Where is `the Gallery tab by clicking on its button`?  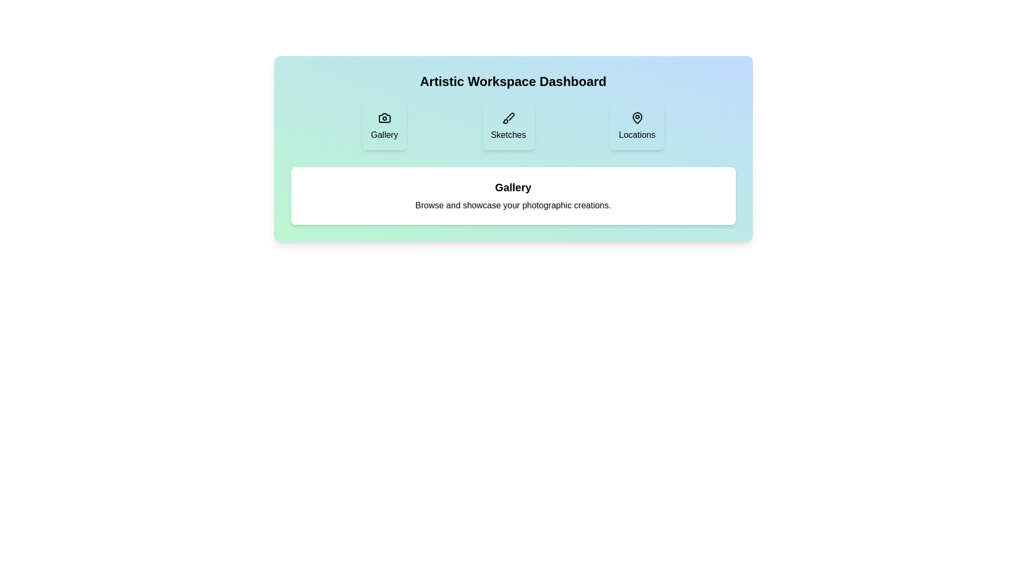
the Gallery tab by clicking on its button is located at coordinates (384, 126).